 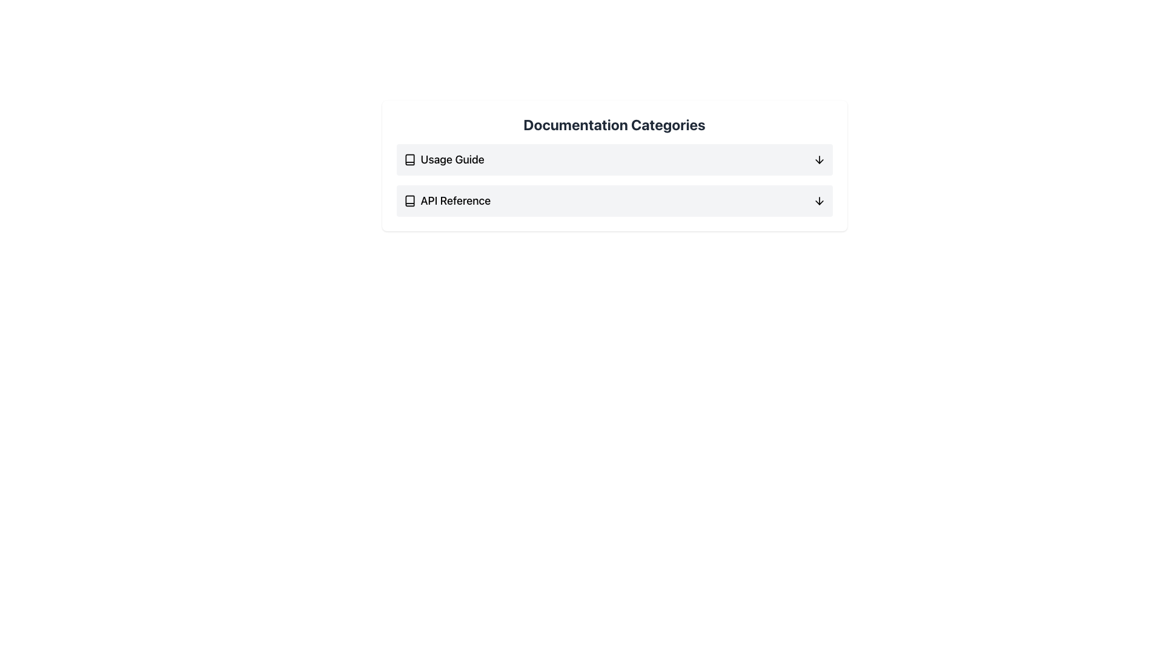 I want to click on the 'Usage Guide' text with icon, which is styled in bold and positioned on the left side of the first item in the documentation categories list, so click(x=443, y=159).